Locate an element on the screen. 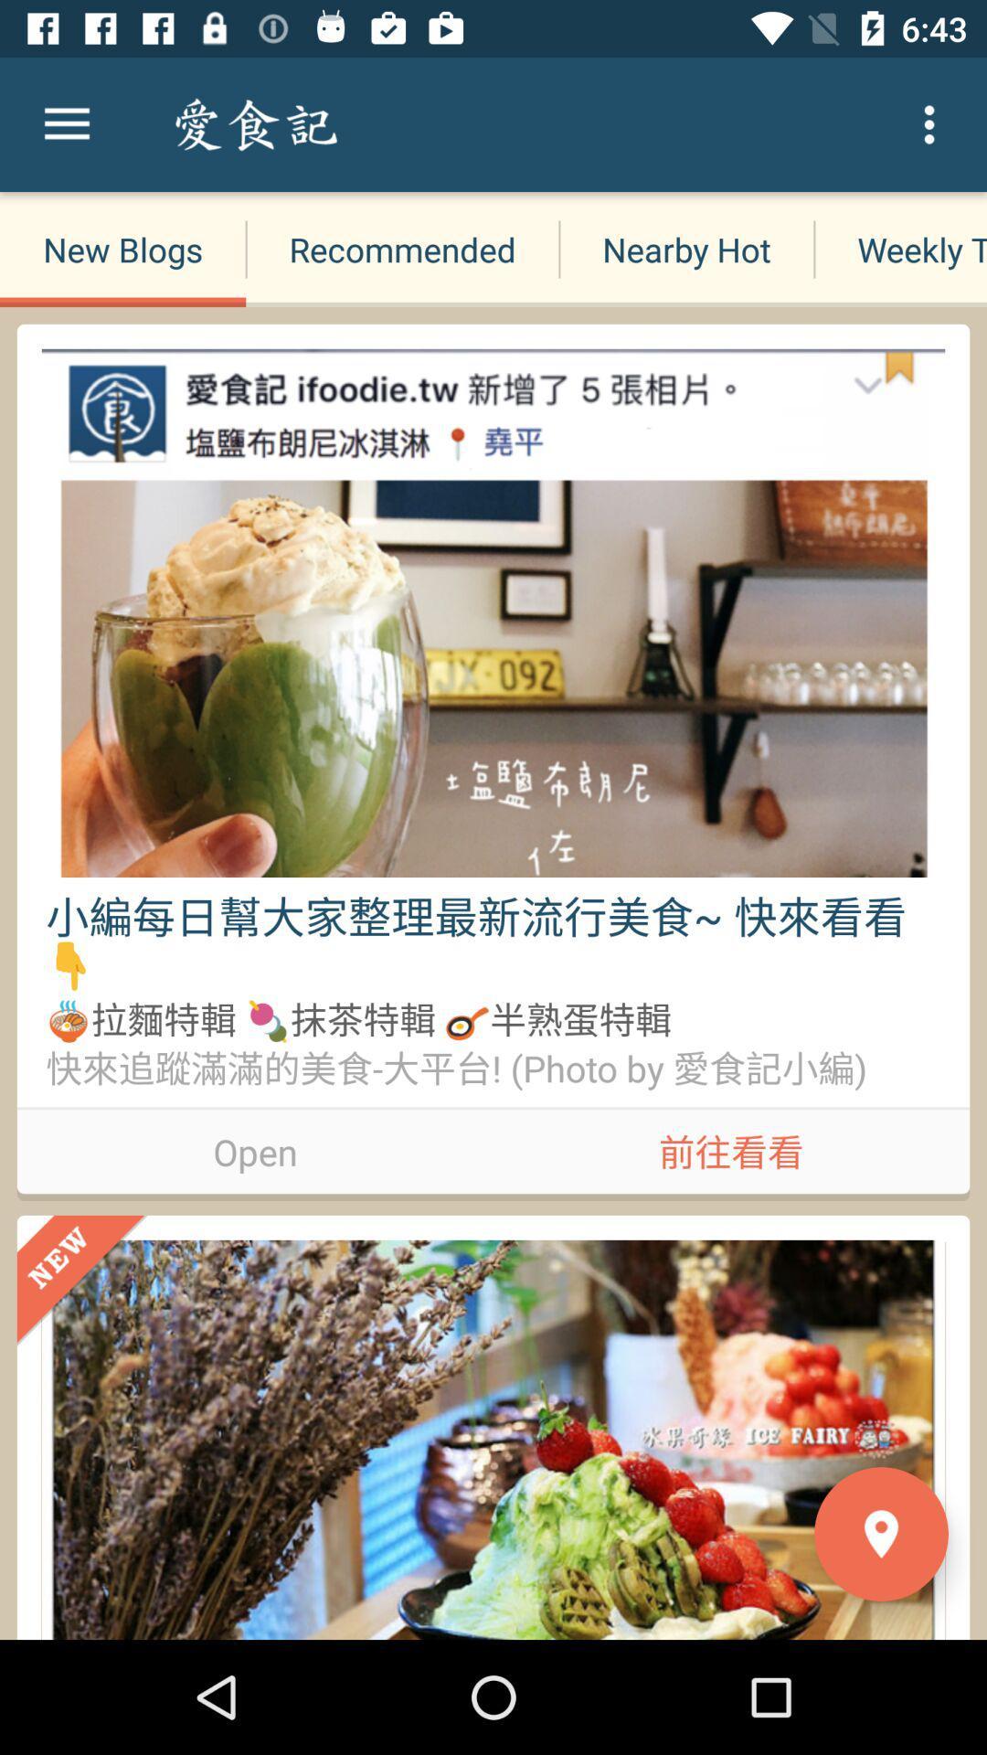 The width and height of the screenshot is (987, 1755). item to the right of open item is located at coordinates (730, 1147).